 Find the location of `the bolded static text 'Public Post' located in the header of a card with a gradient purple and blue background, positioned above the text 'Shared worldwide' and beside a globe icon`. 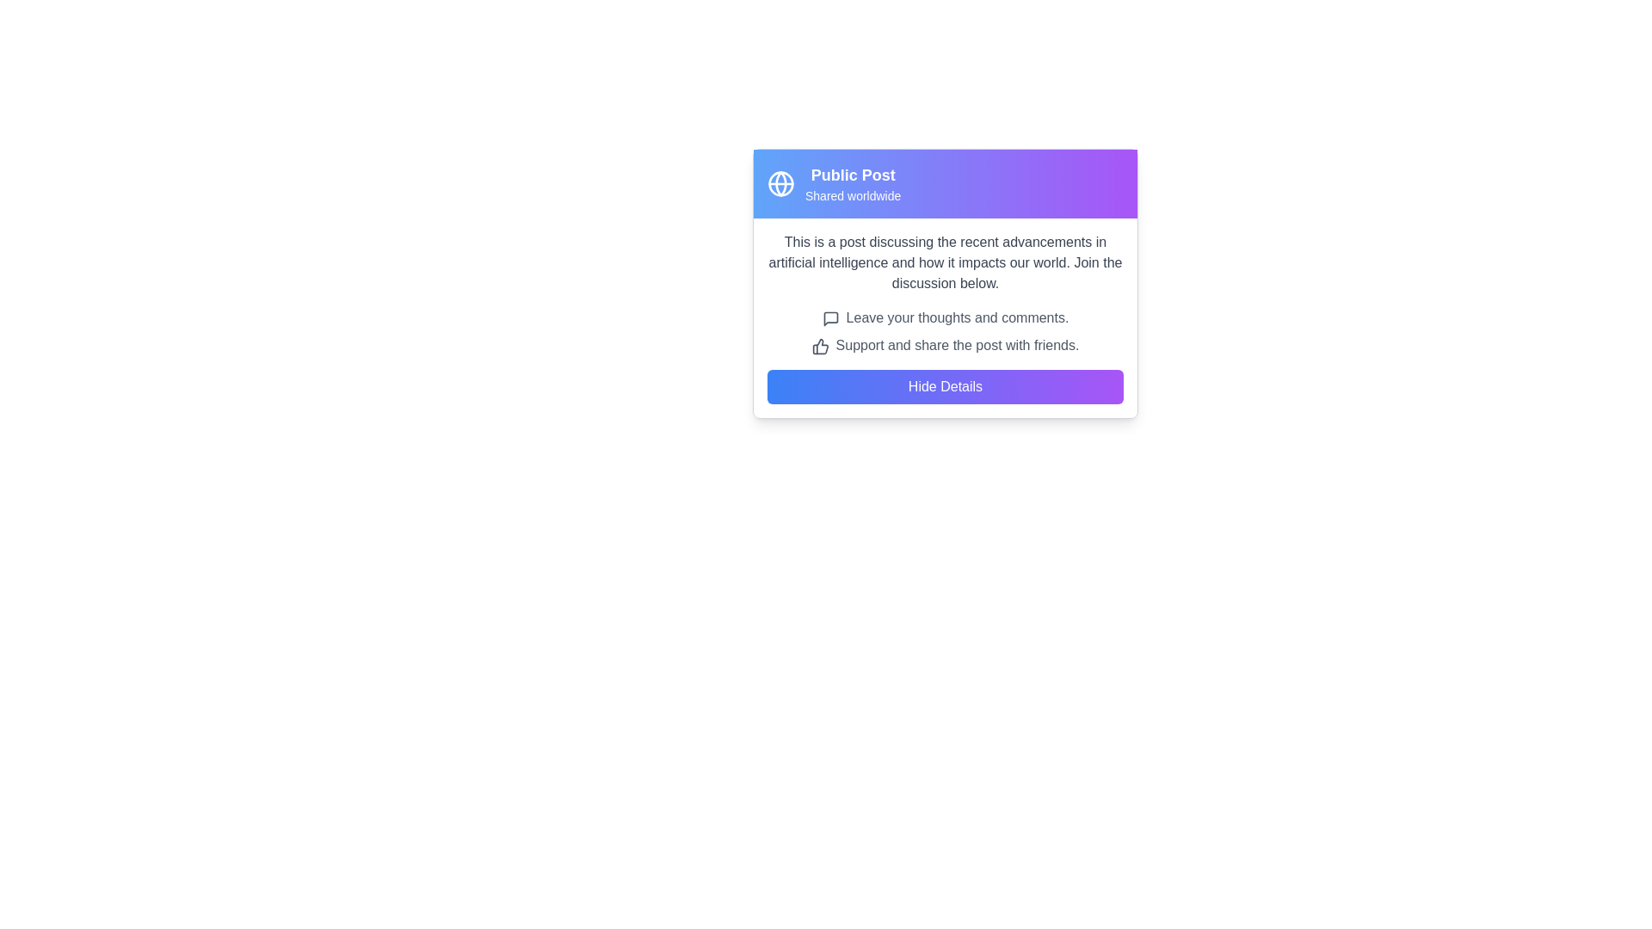

the bolded static text 'Public Post' located in the header of a card with a gradient purple and blue background, positioned above the text 'Shared worldwide' and beside a globe icon is located at coordinates (853, 175).